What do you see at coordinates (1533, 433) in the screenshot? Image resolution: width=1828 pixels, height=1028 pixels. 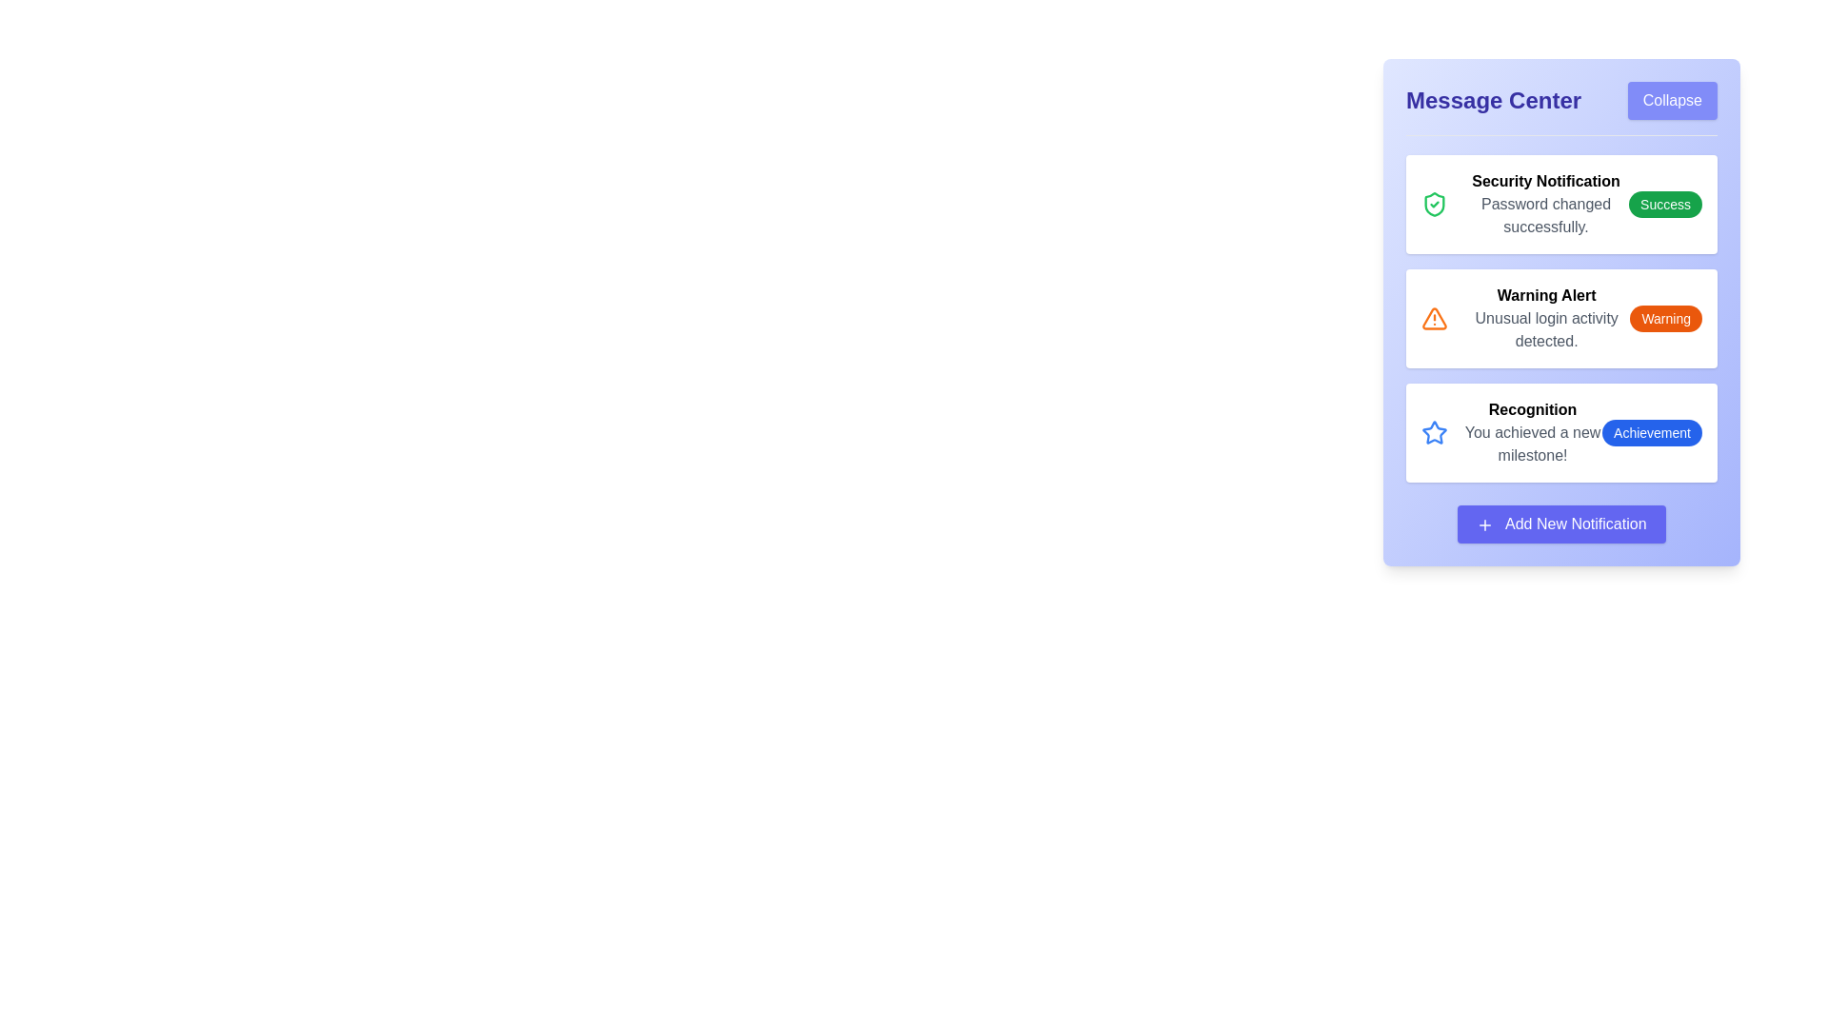 I see `the title and description in the achievement notification text block located within the third notification card in the 'Message Center', centrally aligned next to a blue star icon and a blue 'Achievement' badge` at bounding box center [1533, 433].